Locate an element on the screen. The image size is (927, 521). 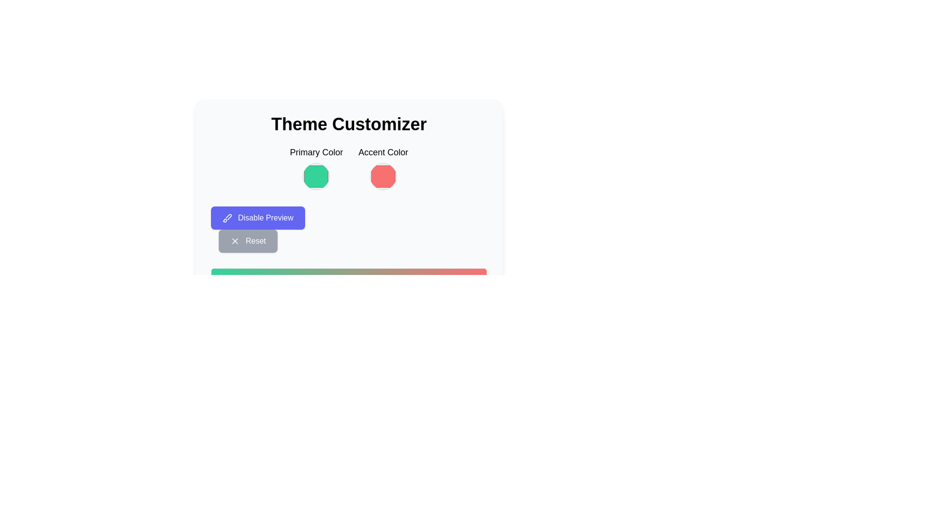
the 'Primary Color' label, which is a medium-sized, bold text element positioned above a circular color preview is located at coordinates (316, 152).